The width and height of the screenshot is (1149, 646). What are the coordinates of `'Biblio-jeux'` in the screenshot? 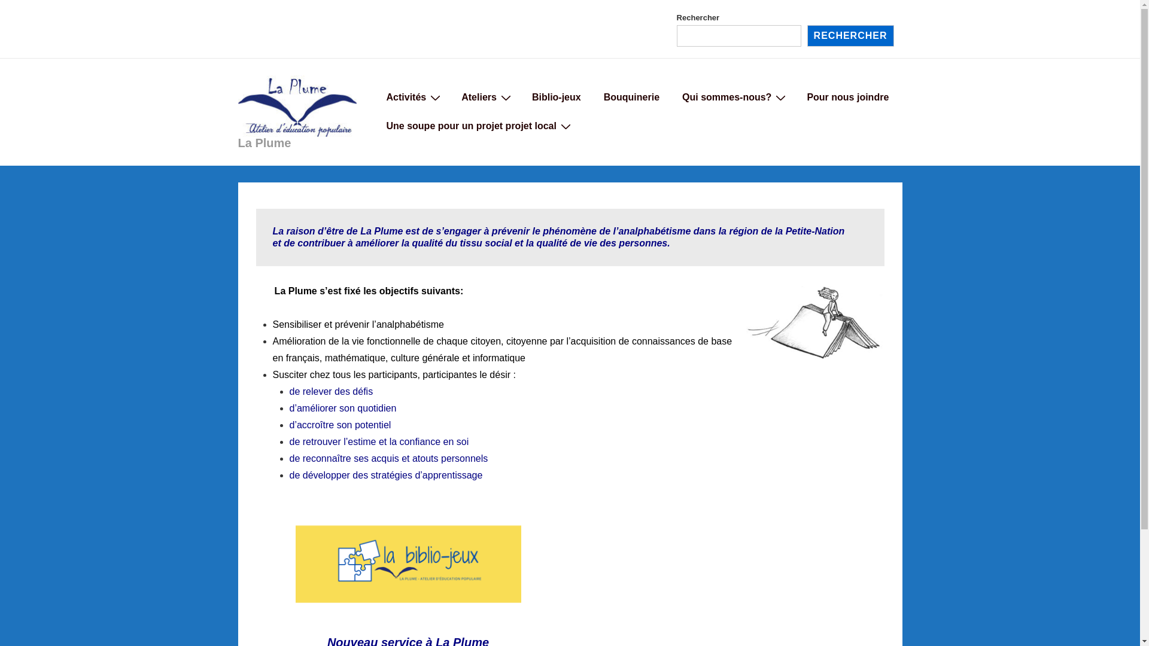 It's located at (556, 96).